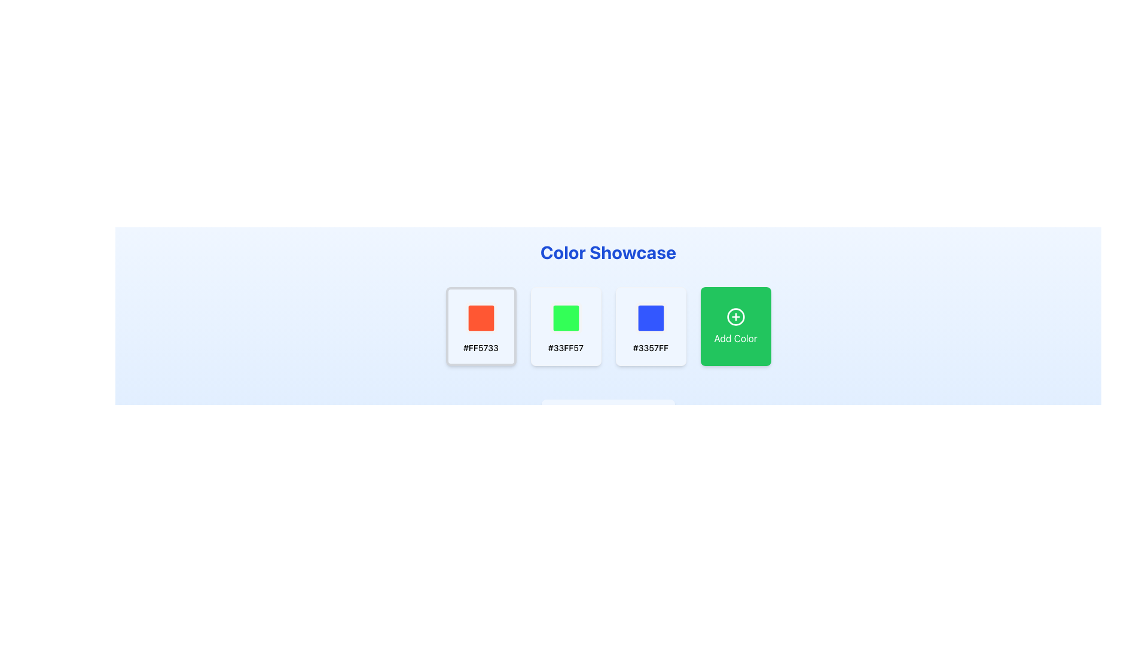 Image resolution: width=1148 pixels, height=646 pixels. Describe the element at coordinates (565, 327) in the screenshot. I see `the color code of the second color swatch tile in the grid labeled 'Color Showcase', which is located between the orange tile and the blue tile` at that location.